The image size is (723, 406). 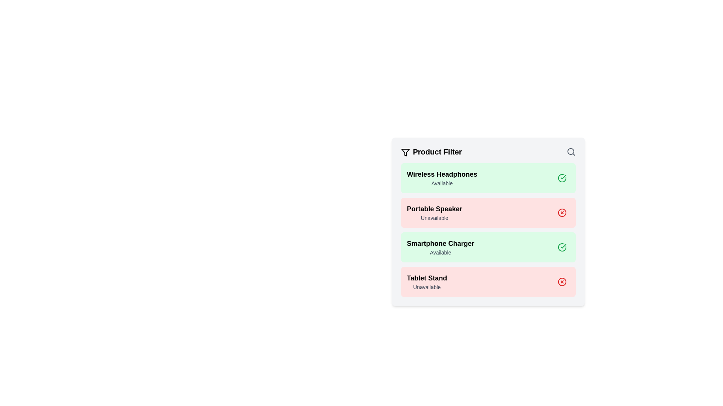 What do you see at coordinates (488, 221) in the screenshot?
I see `the text 'Unavailable' located on the rectangular card titled 'Portable Speaker', which is the second item in the 'Product Filter' section and has a red background indicating unavailability` at bounding box center [488, 221].